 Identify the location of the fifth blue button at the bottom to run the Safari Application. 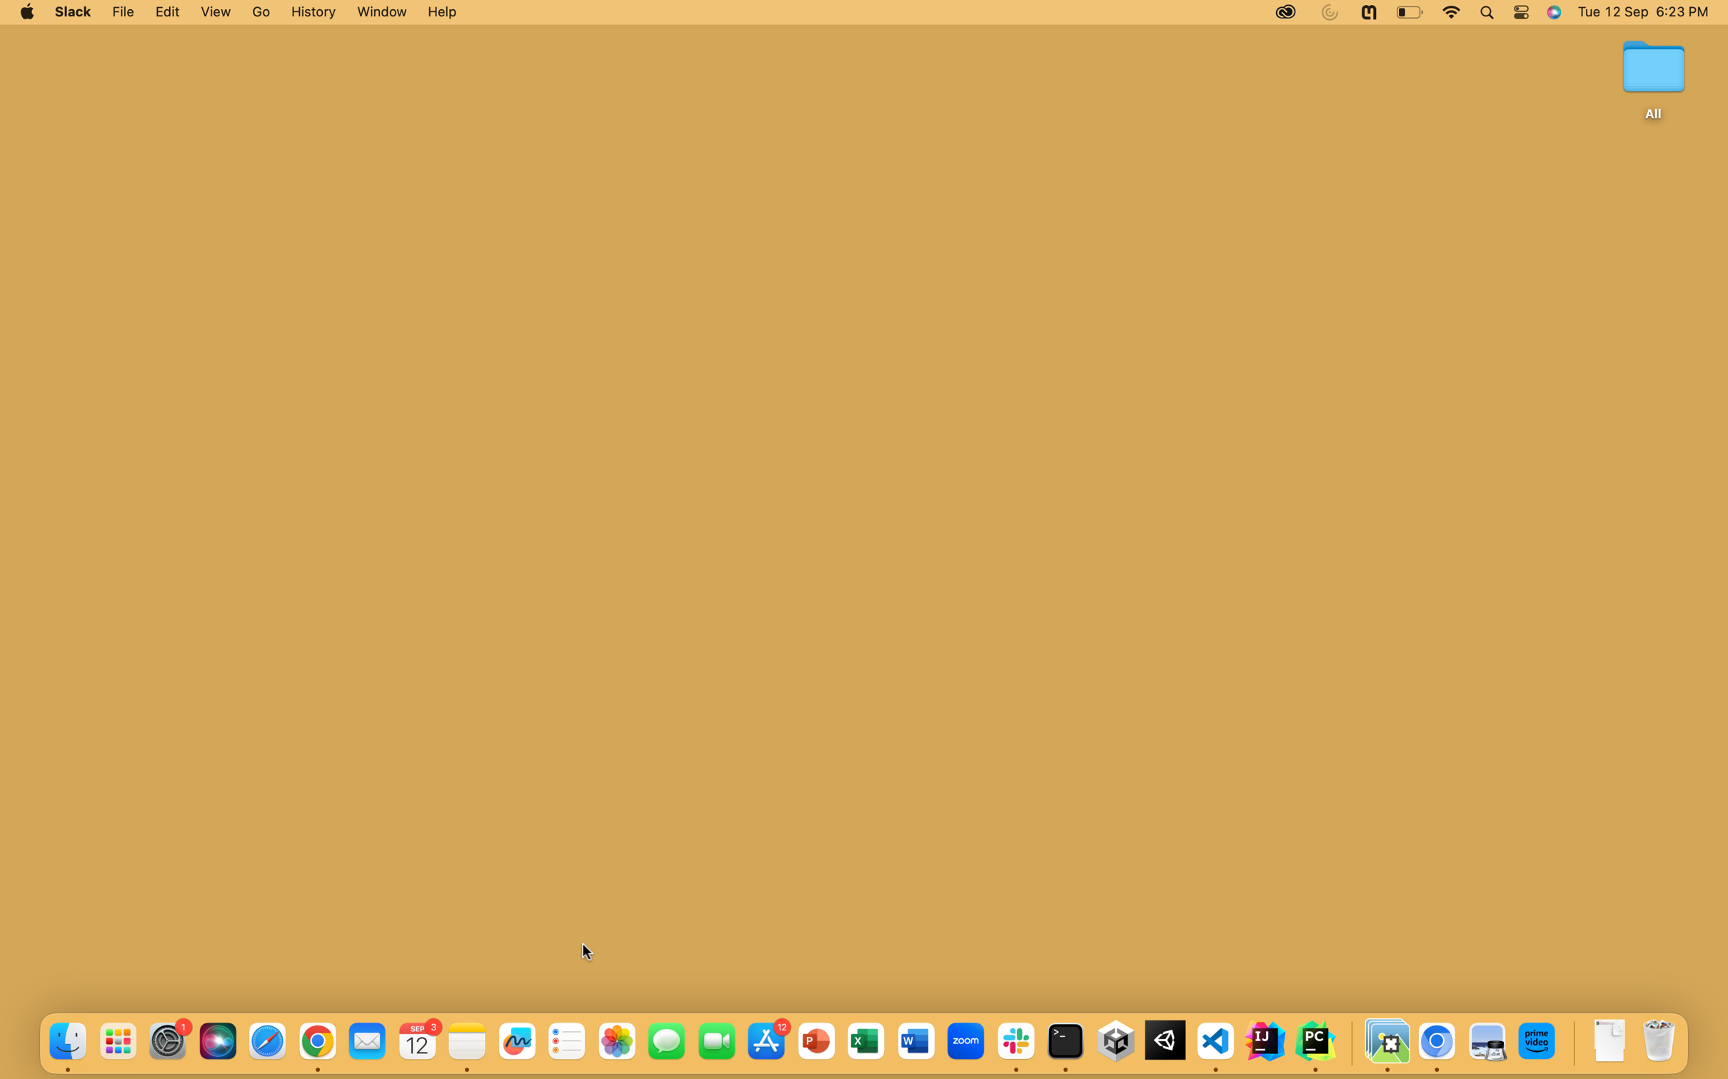
(267, 1041).